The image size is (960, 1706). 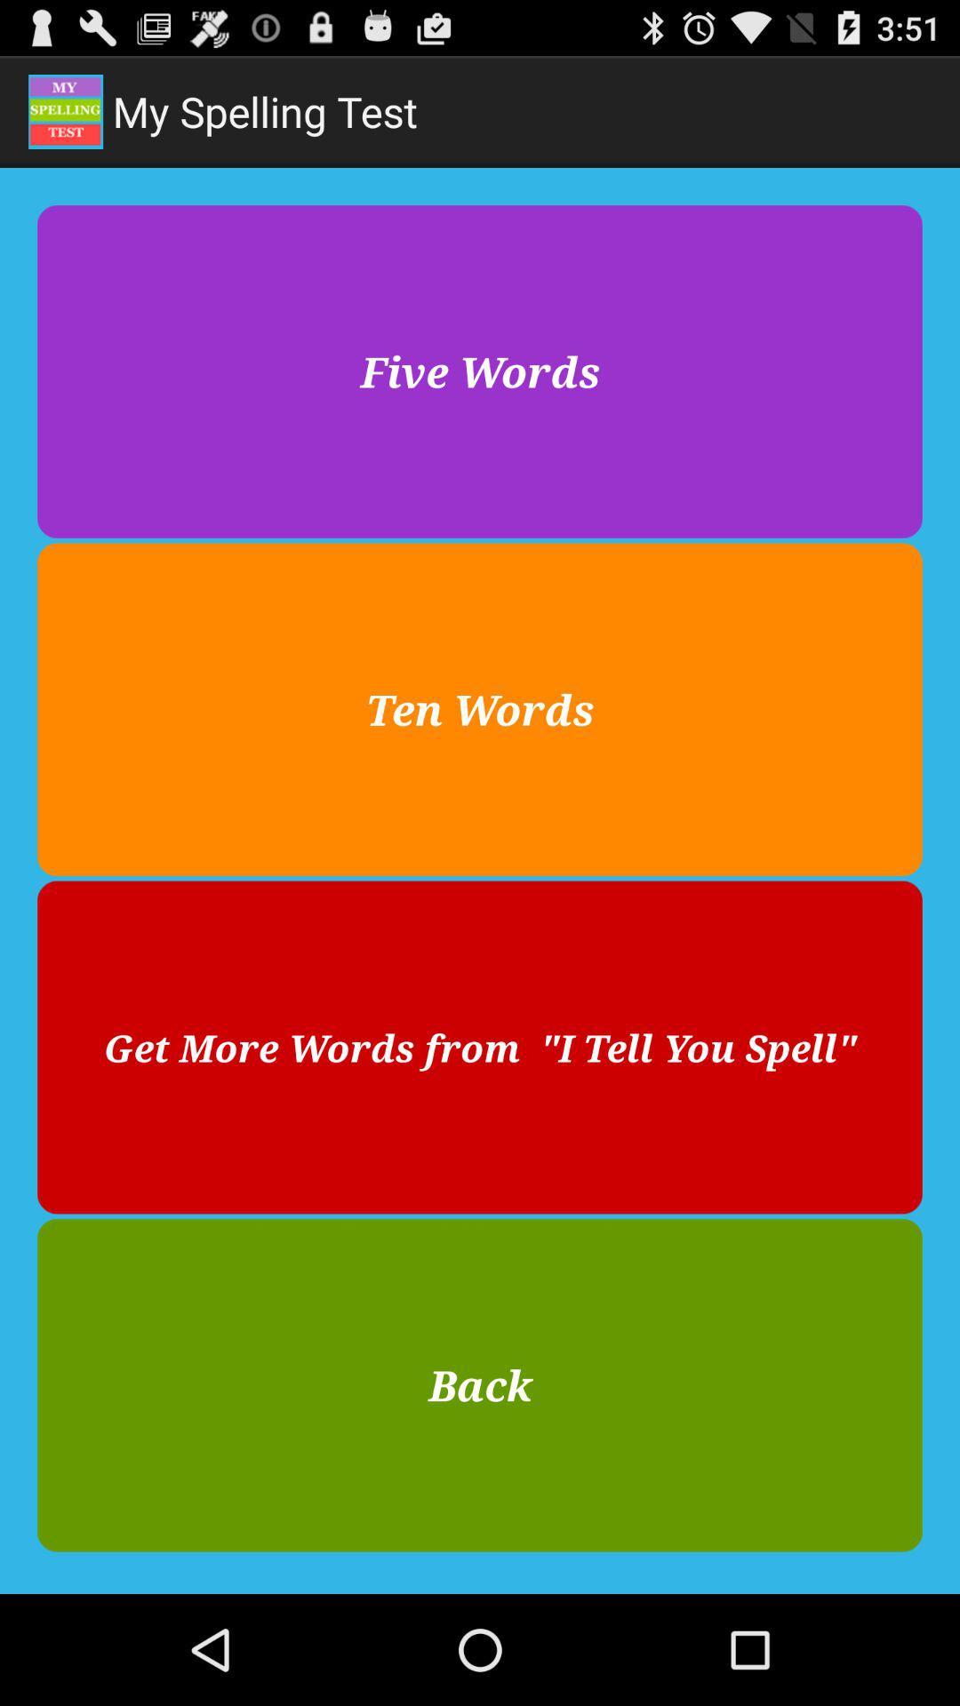 What do you see at coordinates (480, 371) in the screenshot?
I see `the five words item` at bounding box center [480, 371].